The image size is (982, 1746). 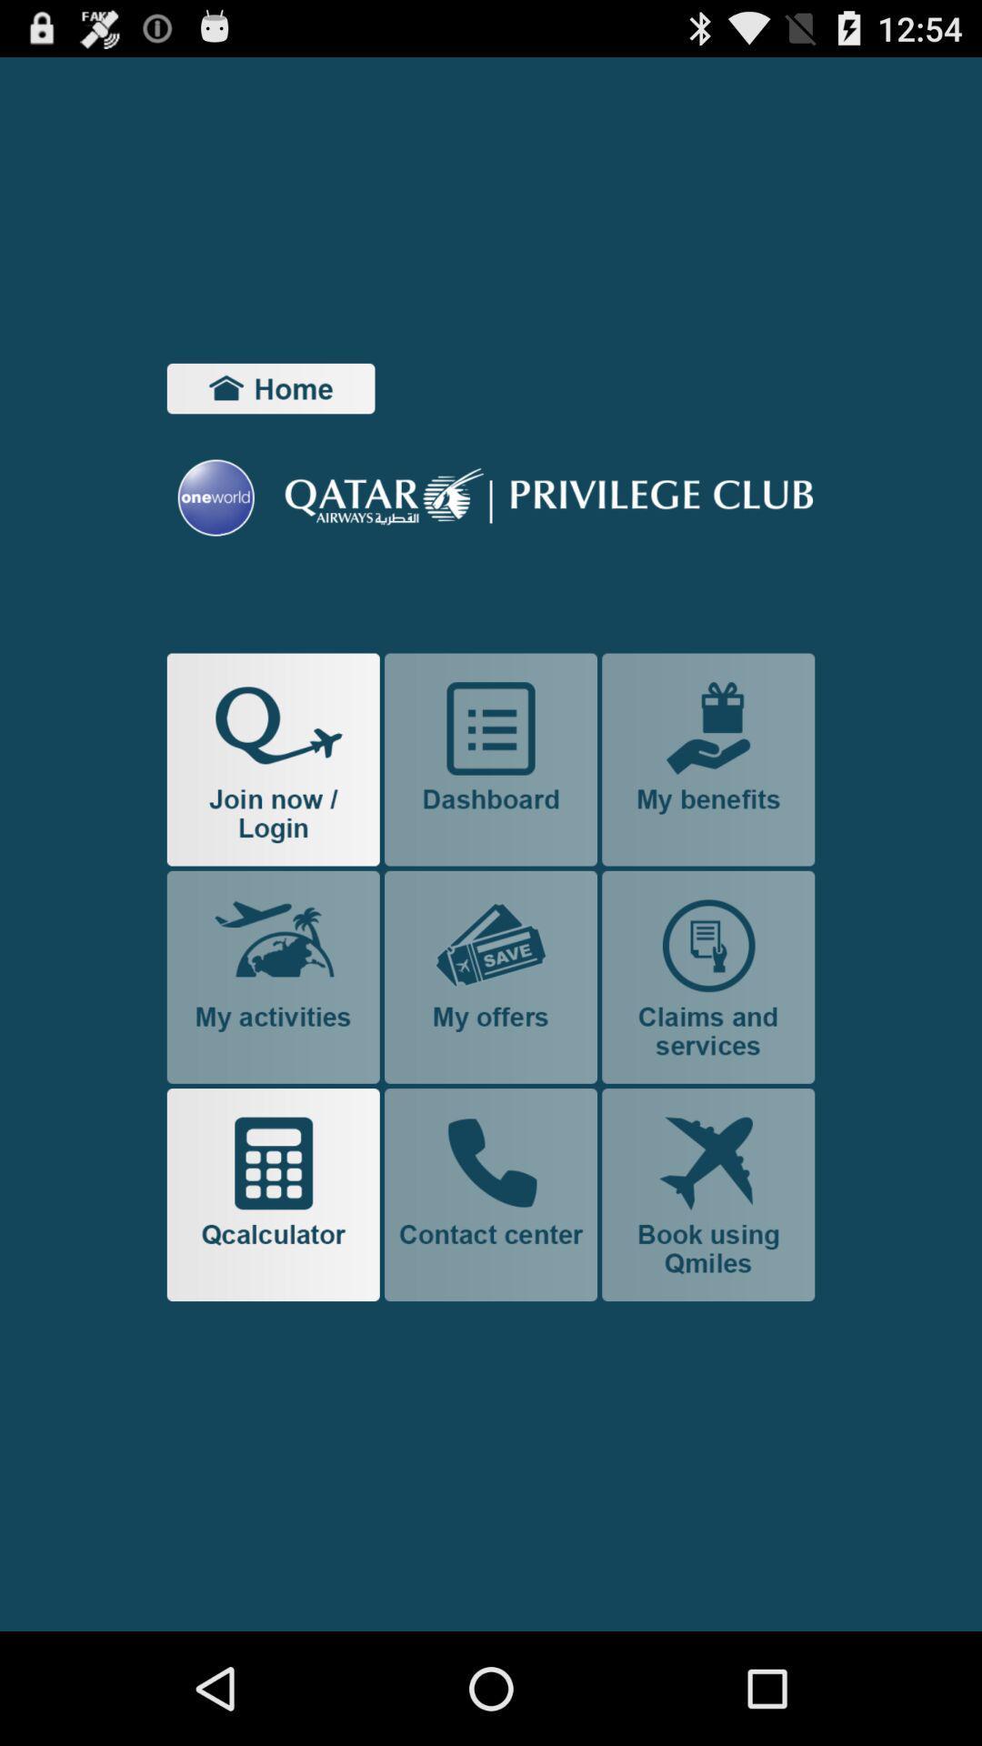 What do you see at coordinates (491, 759) in the screenshot?
I see `open the dashboard` at bounding box center [491, 759].